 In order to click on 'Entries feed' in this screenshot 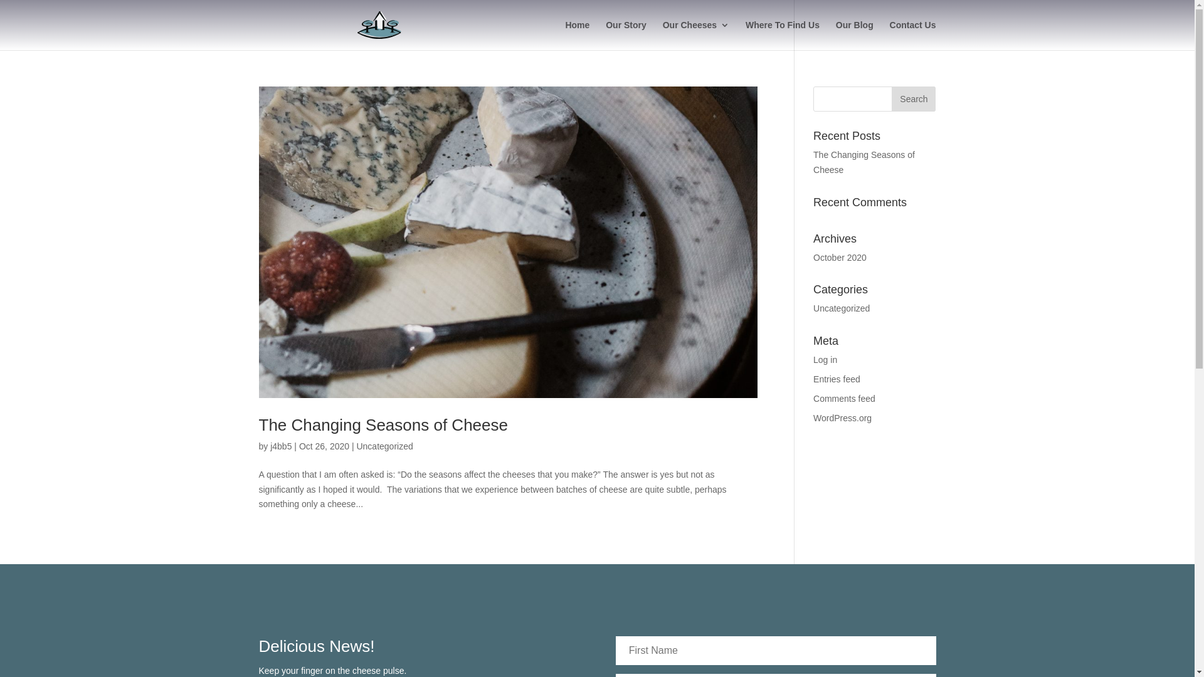, I will do `click(837, 379)`.